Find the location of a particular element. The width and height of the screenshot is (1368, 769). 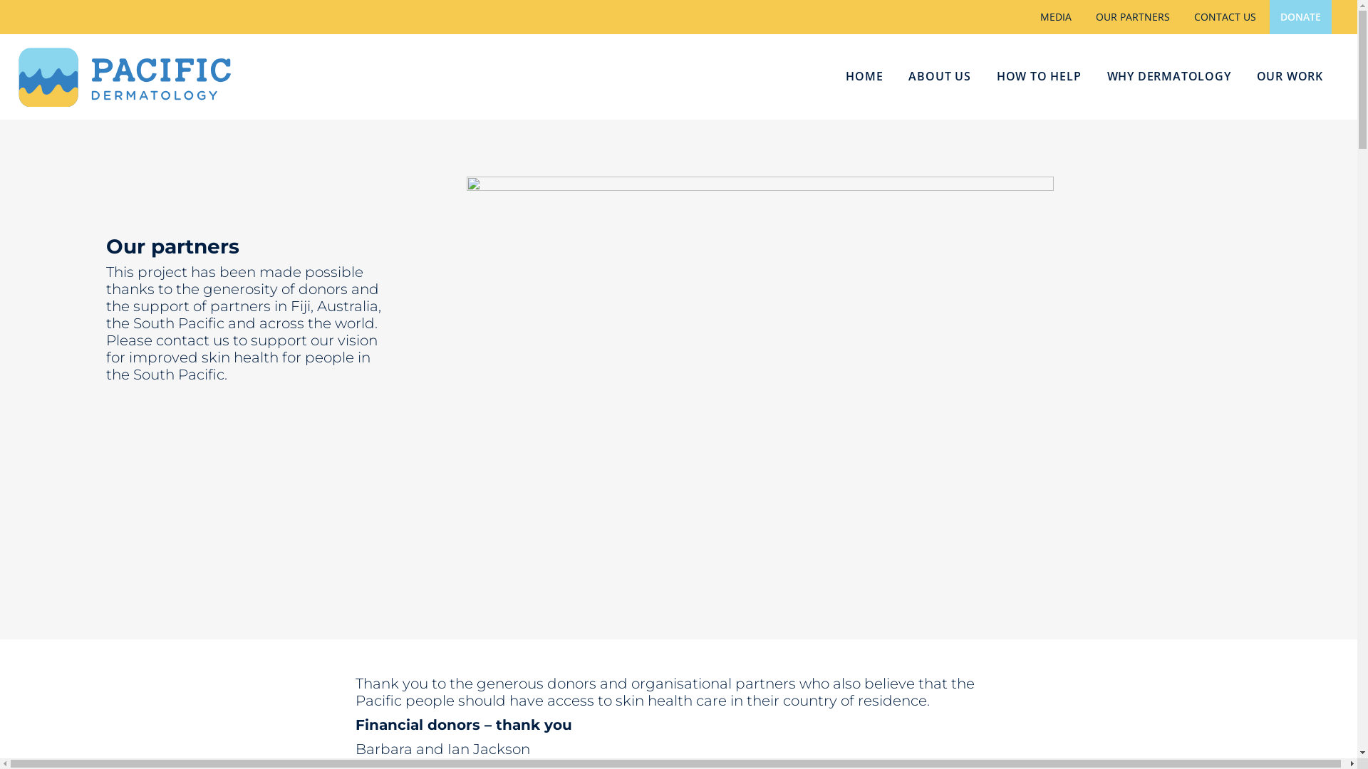

'OUR PARTNERS' is located at coordinates (1131, 16).